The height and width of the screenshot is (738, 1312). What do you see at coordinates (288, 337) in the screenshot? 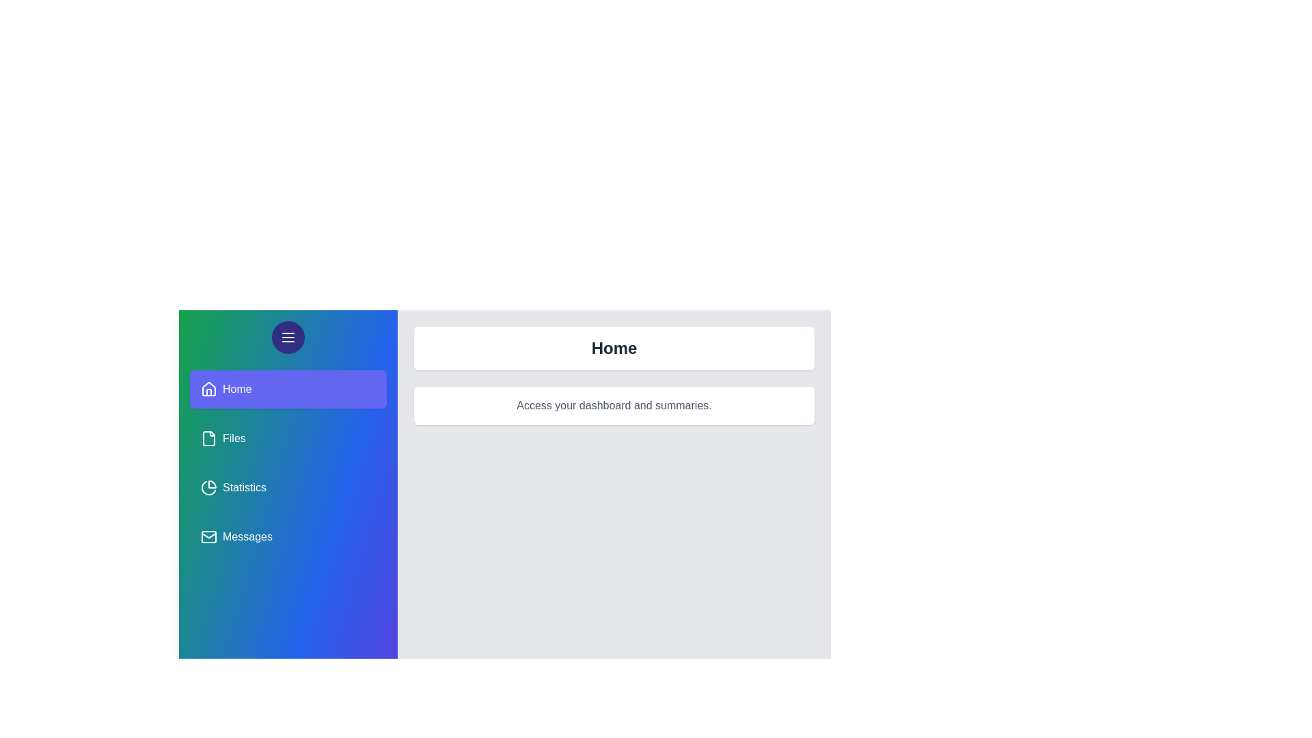
I see `the menu button to toggle the drawer state` at bounding box center [288, 337].